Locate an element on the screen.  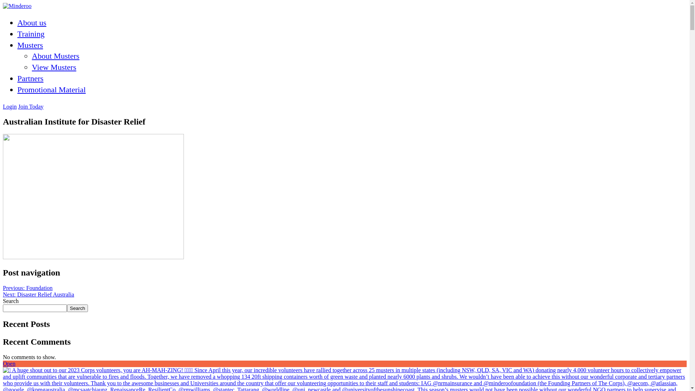
'View Musters' is located at coordinates (54, 67).